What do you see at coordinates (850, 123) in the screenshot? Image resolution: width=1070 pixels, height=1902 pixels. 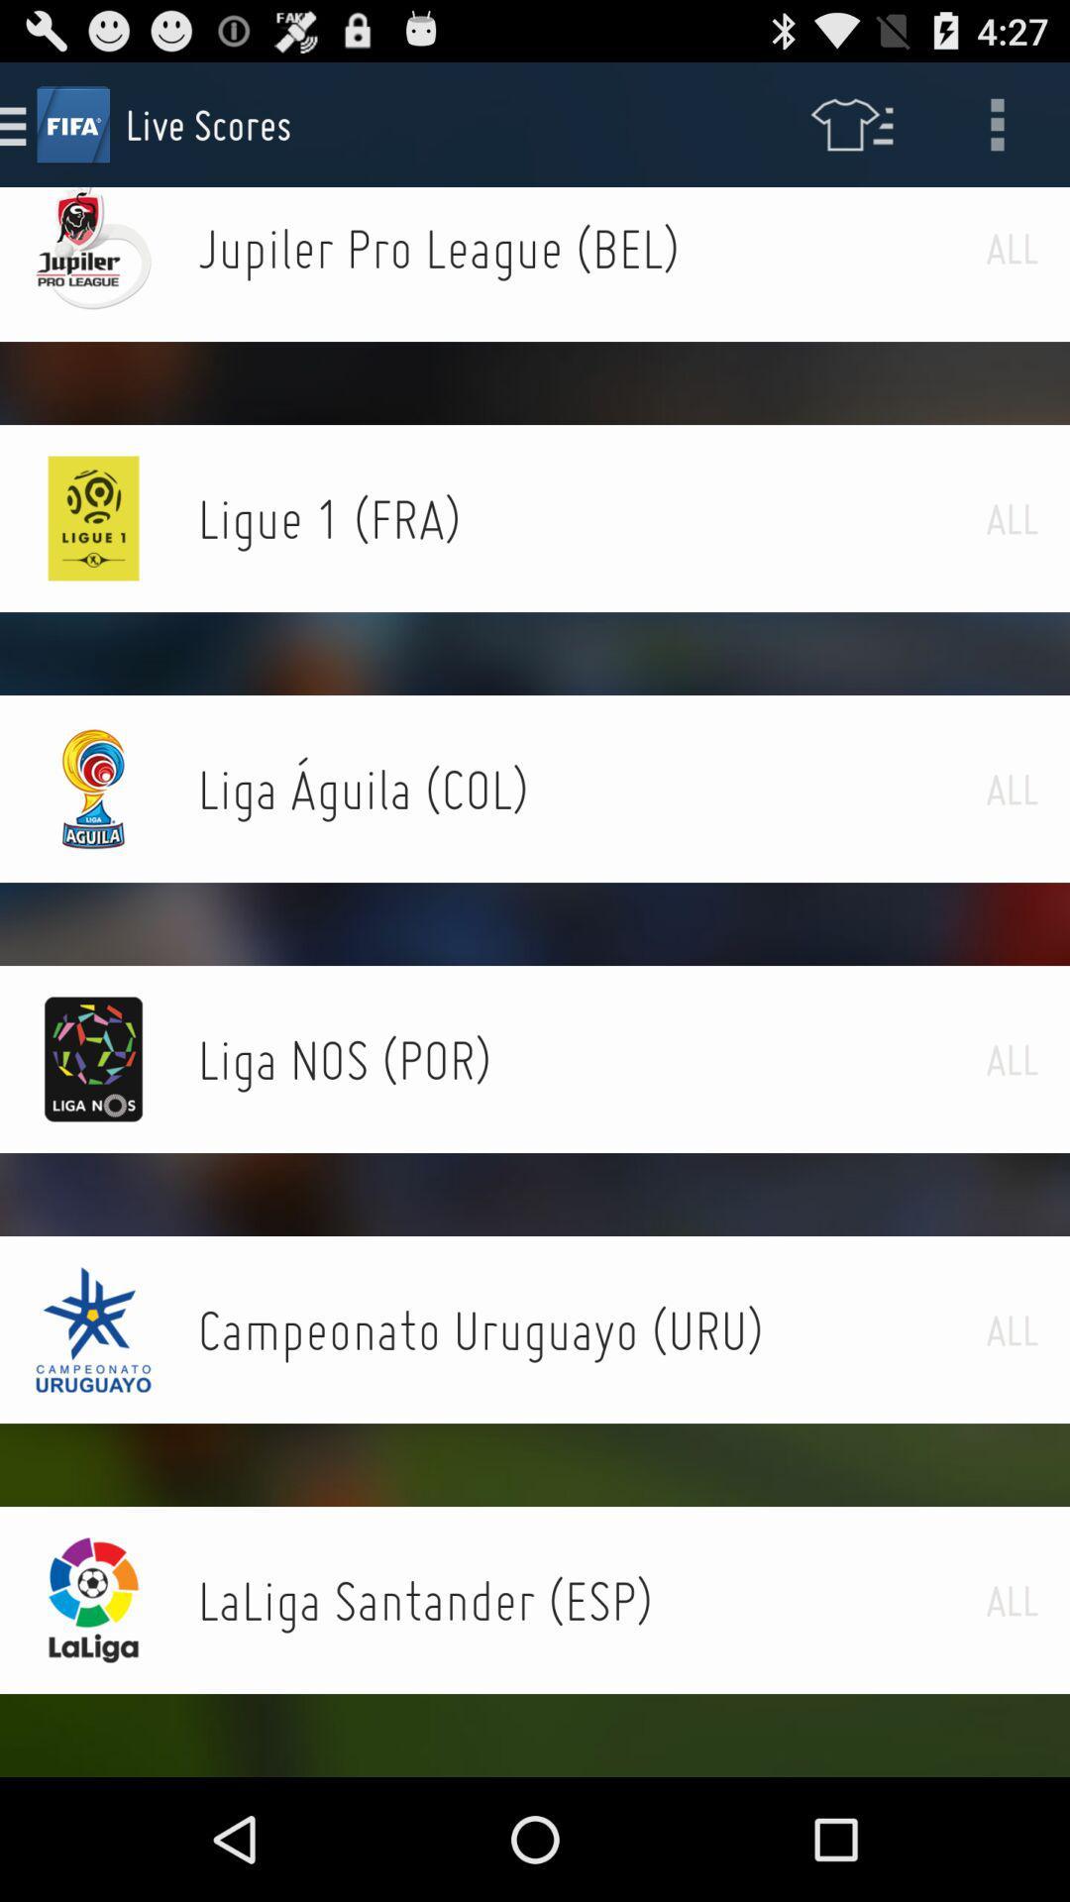 I see `the first icon right side of text live scores` at bounding box center [850, 123].